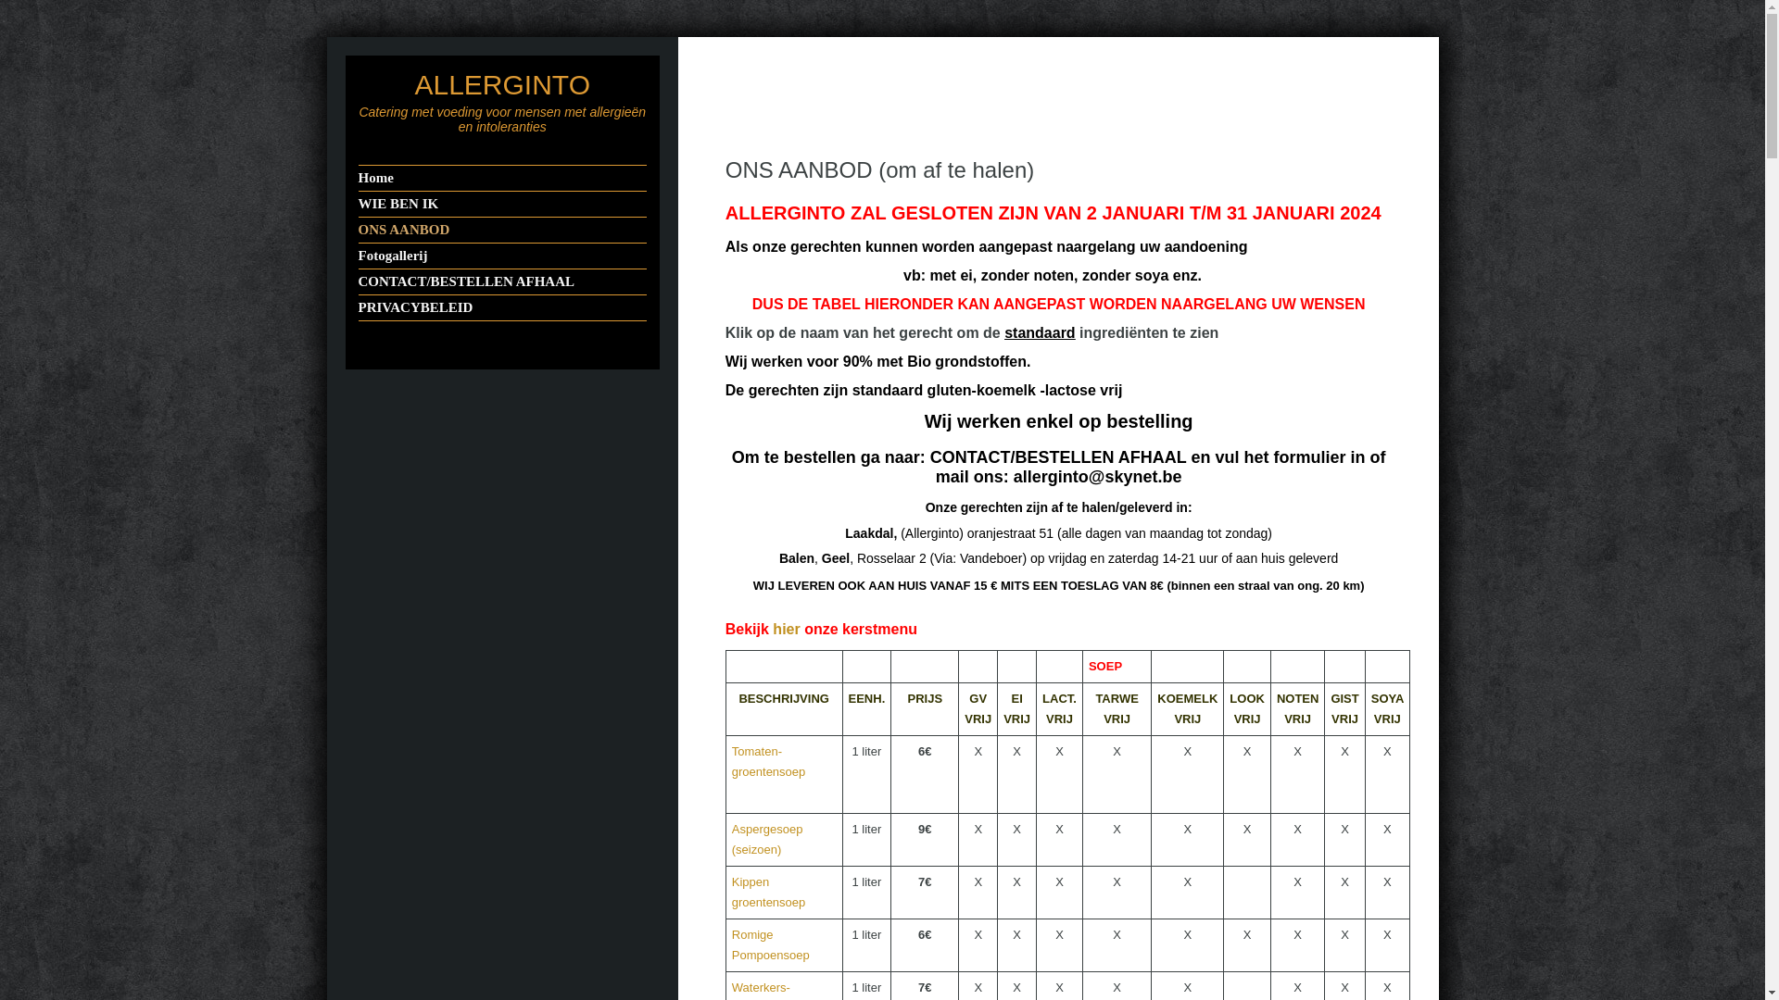  What do you see at coordinates (501, 178) in the screenshot?
I see `'Home'` at bounding box center [501, 178].